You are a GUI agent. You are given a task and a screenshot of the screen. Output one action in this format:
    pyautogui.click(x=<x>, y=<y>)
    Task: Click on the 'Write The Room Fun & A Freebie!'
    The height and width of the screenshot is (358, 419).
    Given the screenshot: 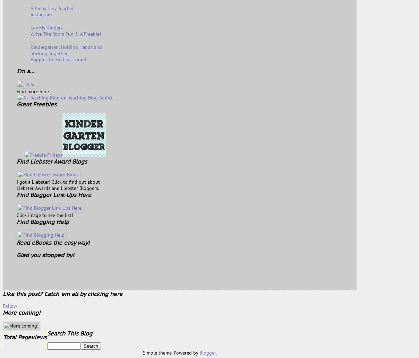 What is the action you would take?
    pyautogui.click(x=30, y=34)
    